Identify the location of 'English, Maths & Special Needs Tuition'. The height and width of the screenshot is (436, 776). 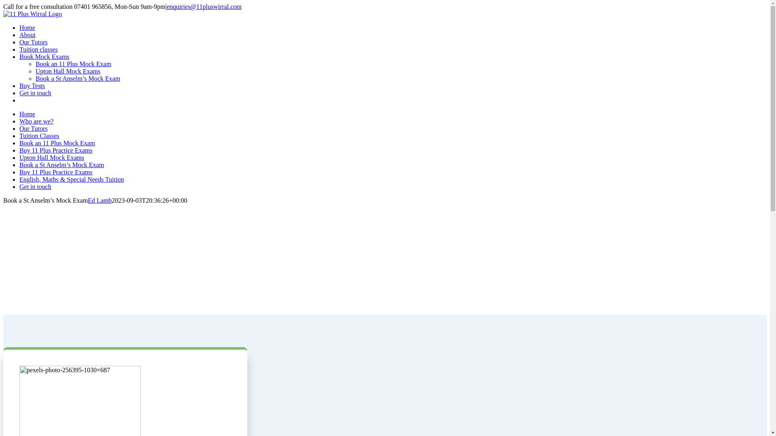
(72, 179).